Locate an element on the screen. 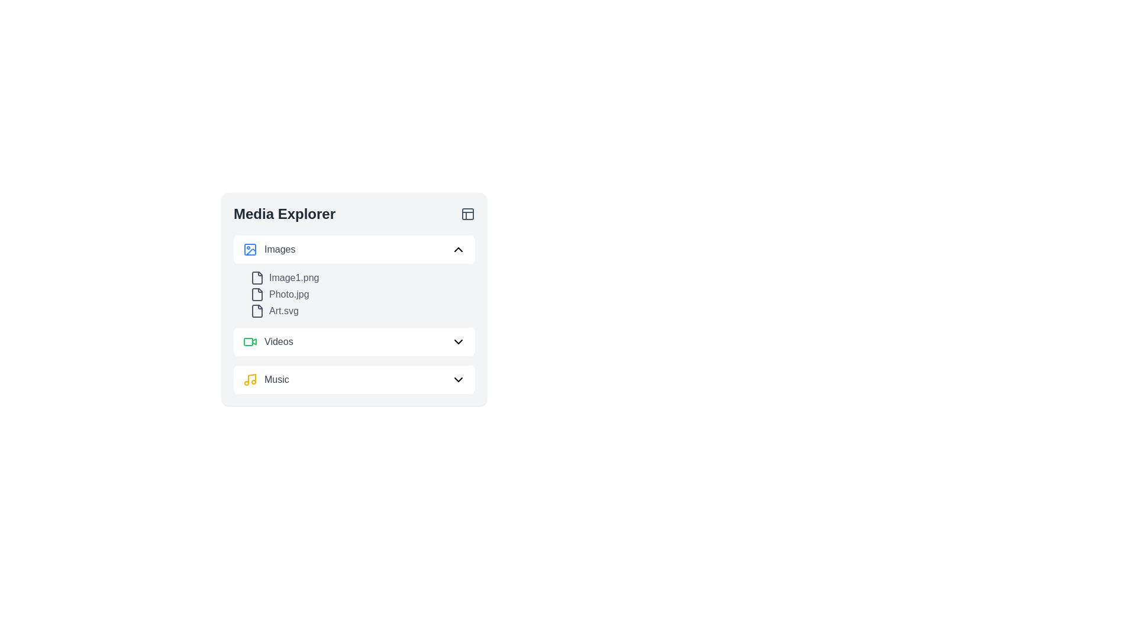 The height and width of the screenshot is (639, 1136). the video camera icon, which has a green outline and white background, located next to the 'Videos' label is located at coordinates (249, 342).